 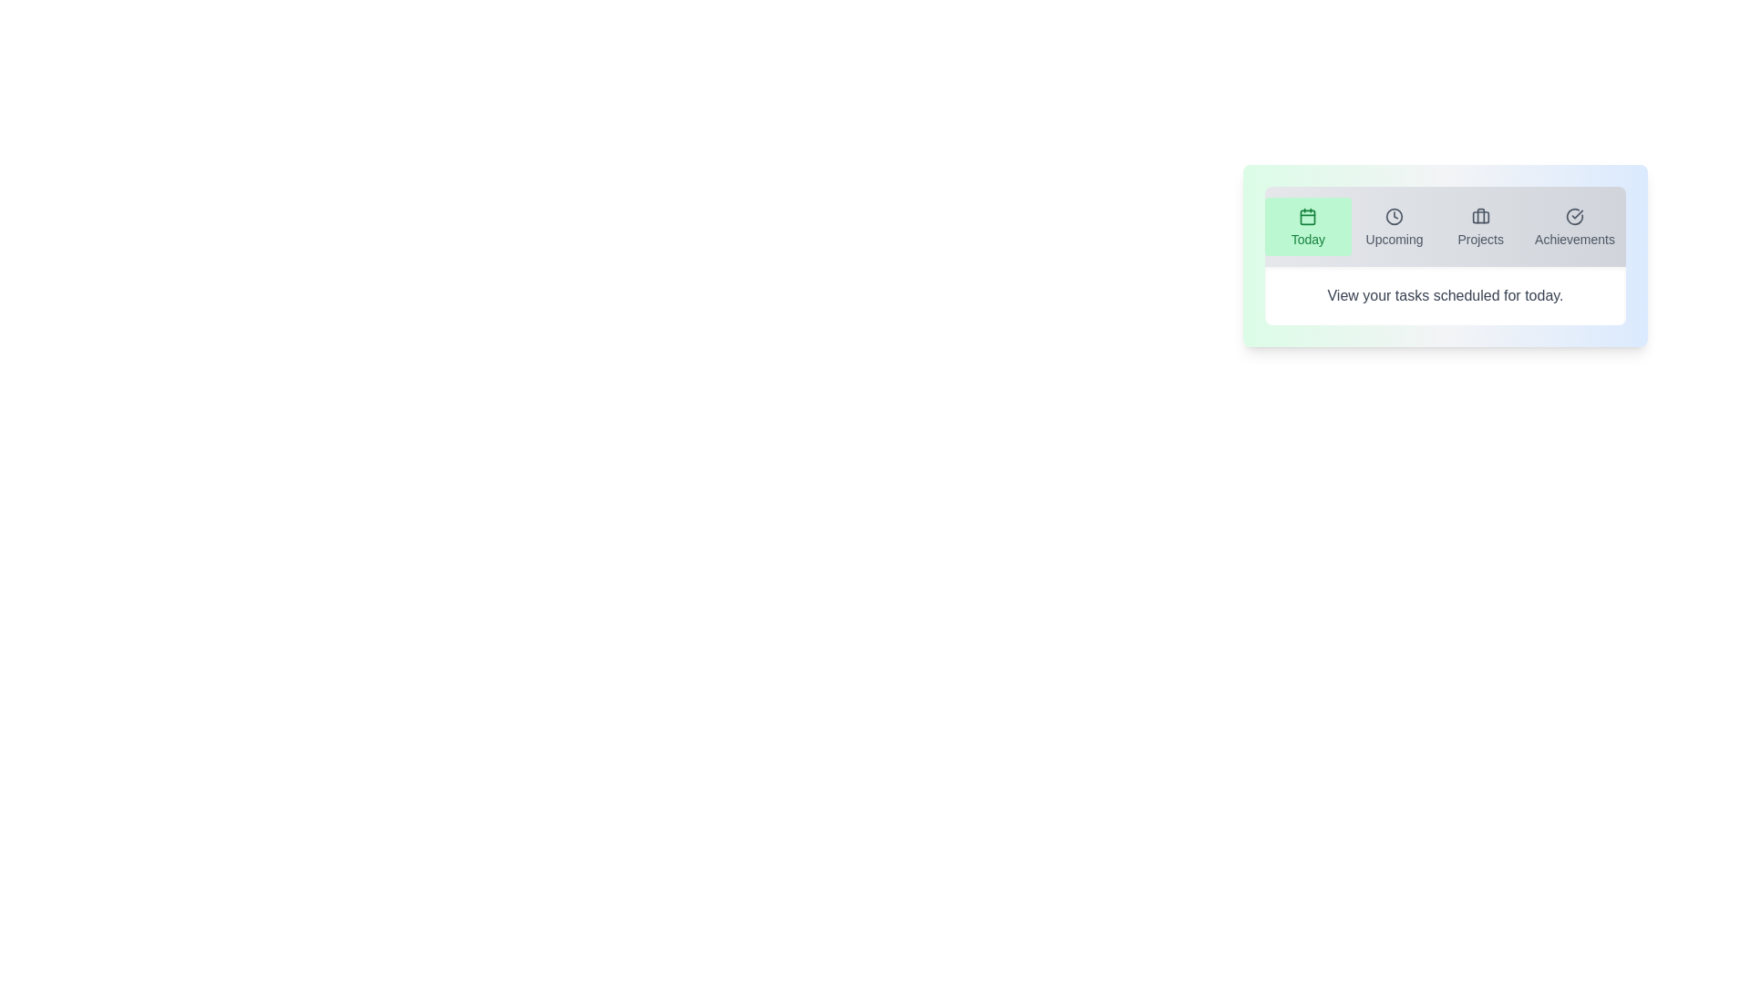 I want to click on the tab labeled Achievements, so click(x=1574, y=226).